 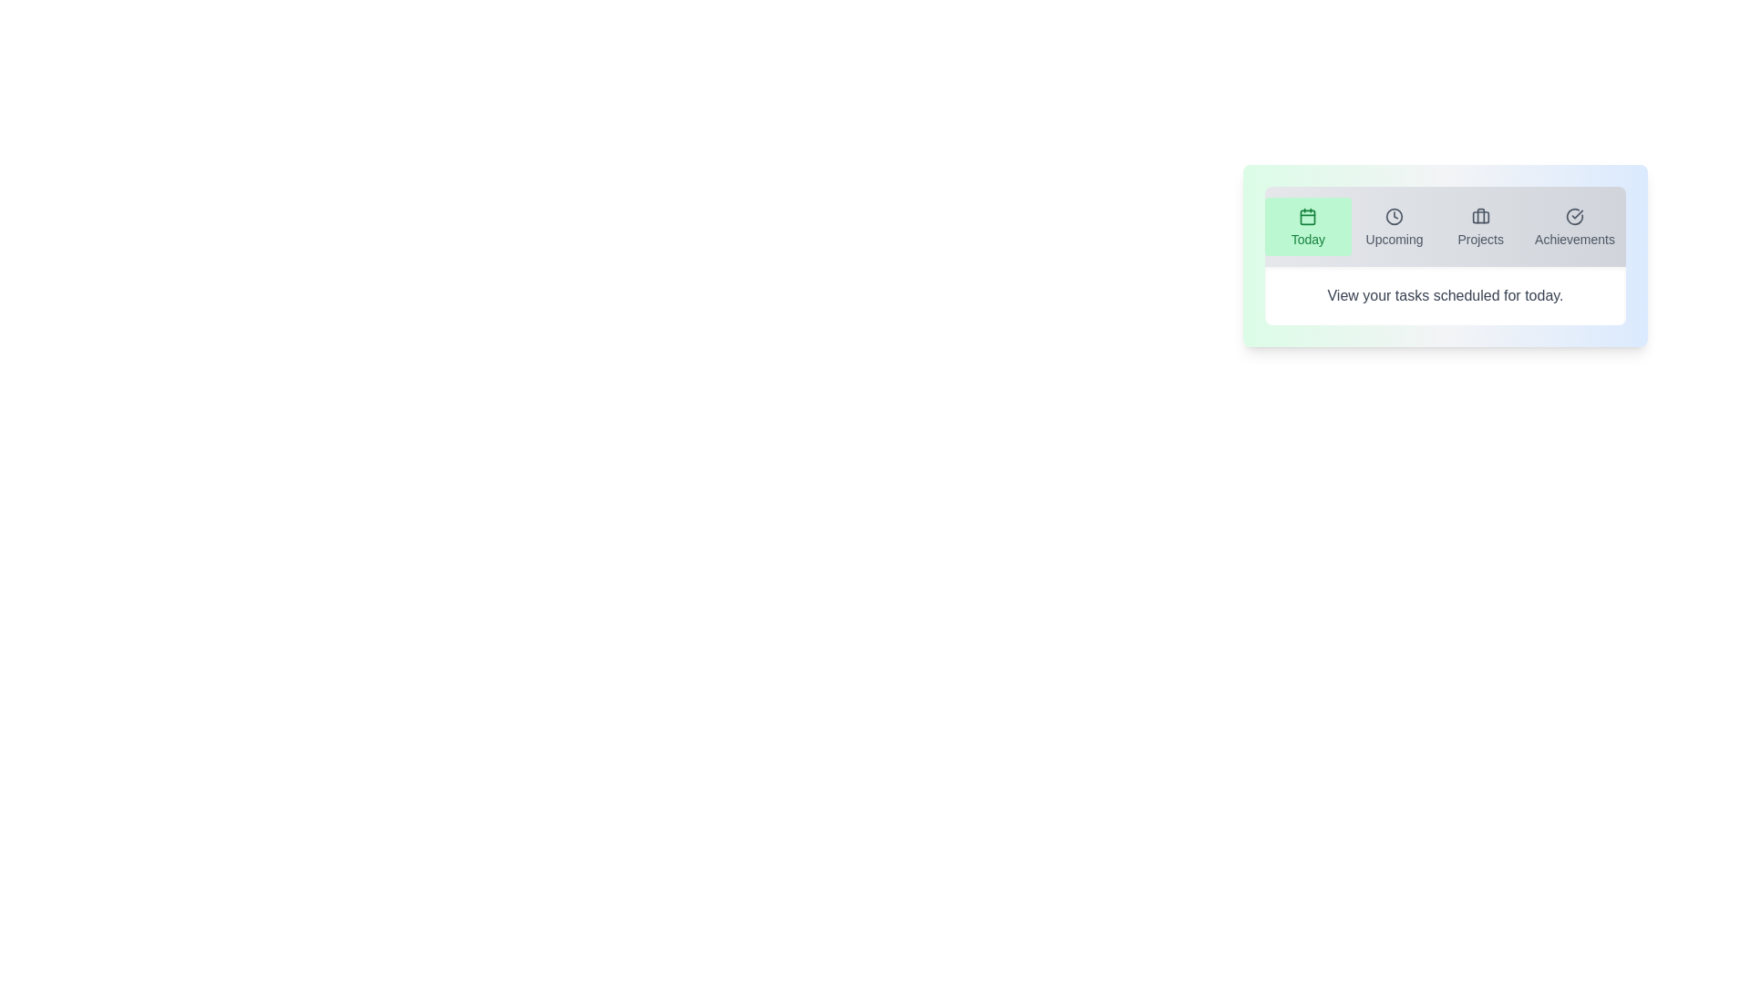 I want to click on the tab labeled Achievements, so click(x=1574, y=226).